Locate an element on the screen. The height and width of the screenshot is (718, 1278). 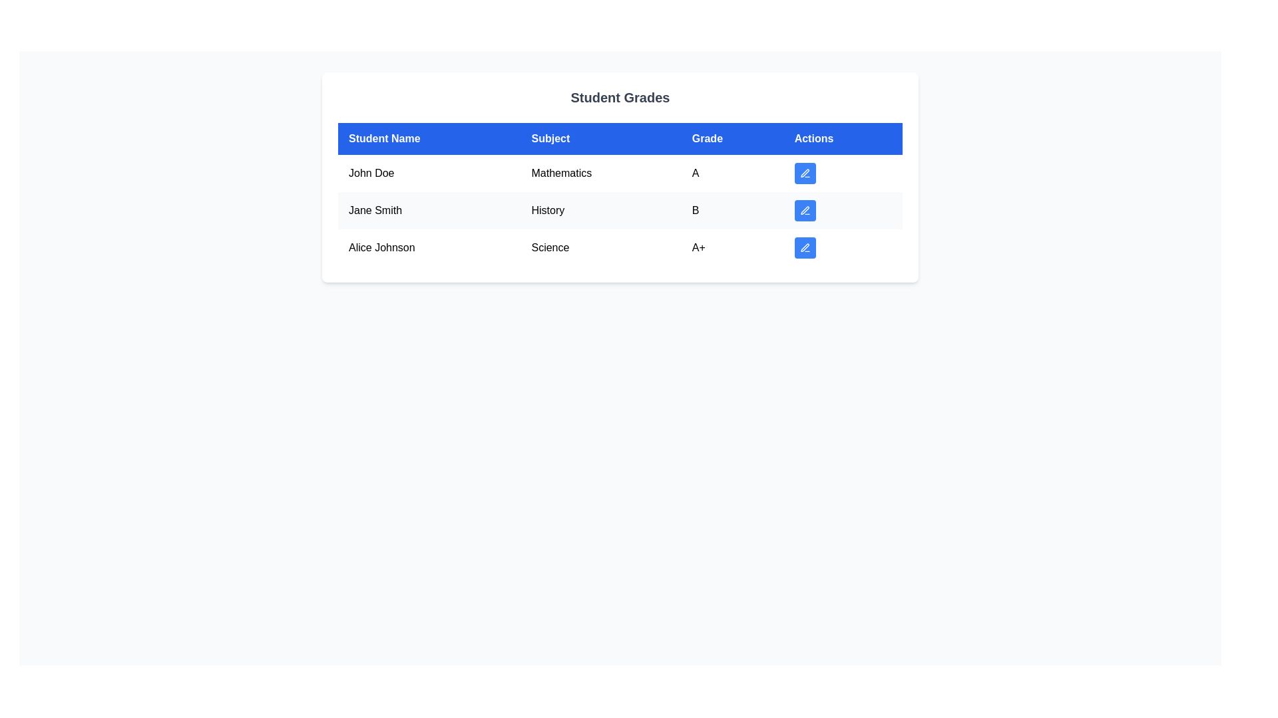
the second row in the 'Student Grades' table is located at coordinates (619, 209).